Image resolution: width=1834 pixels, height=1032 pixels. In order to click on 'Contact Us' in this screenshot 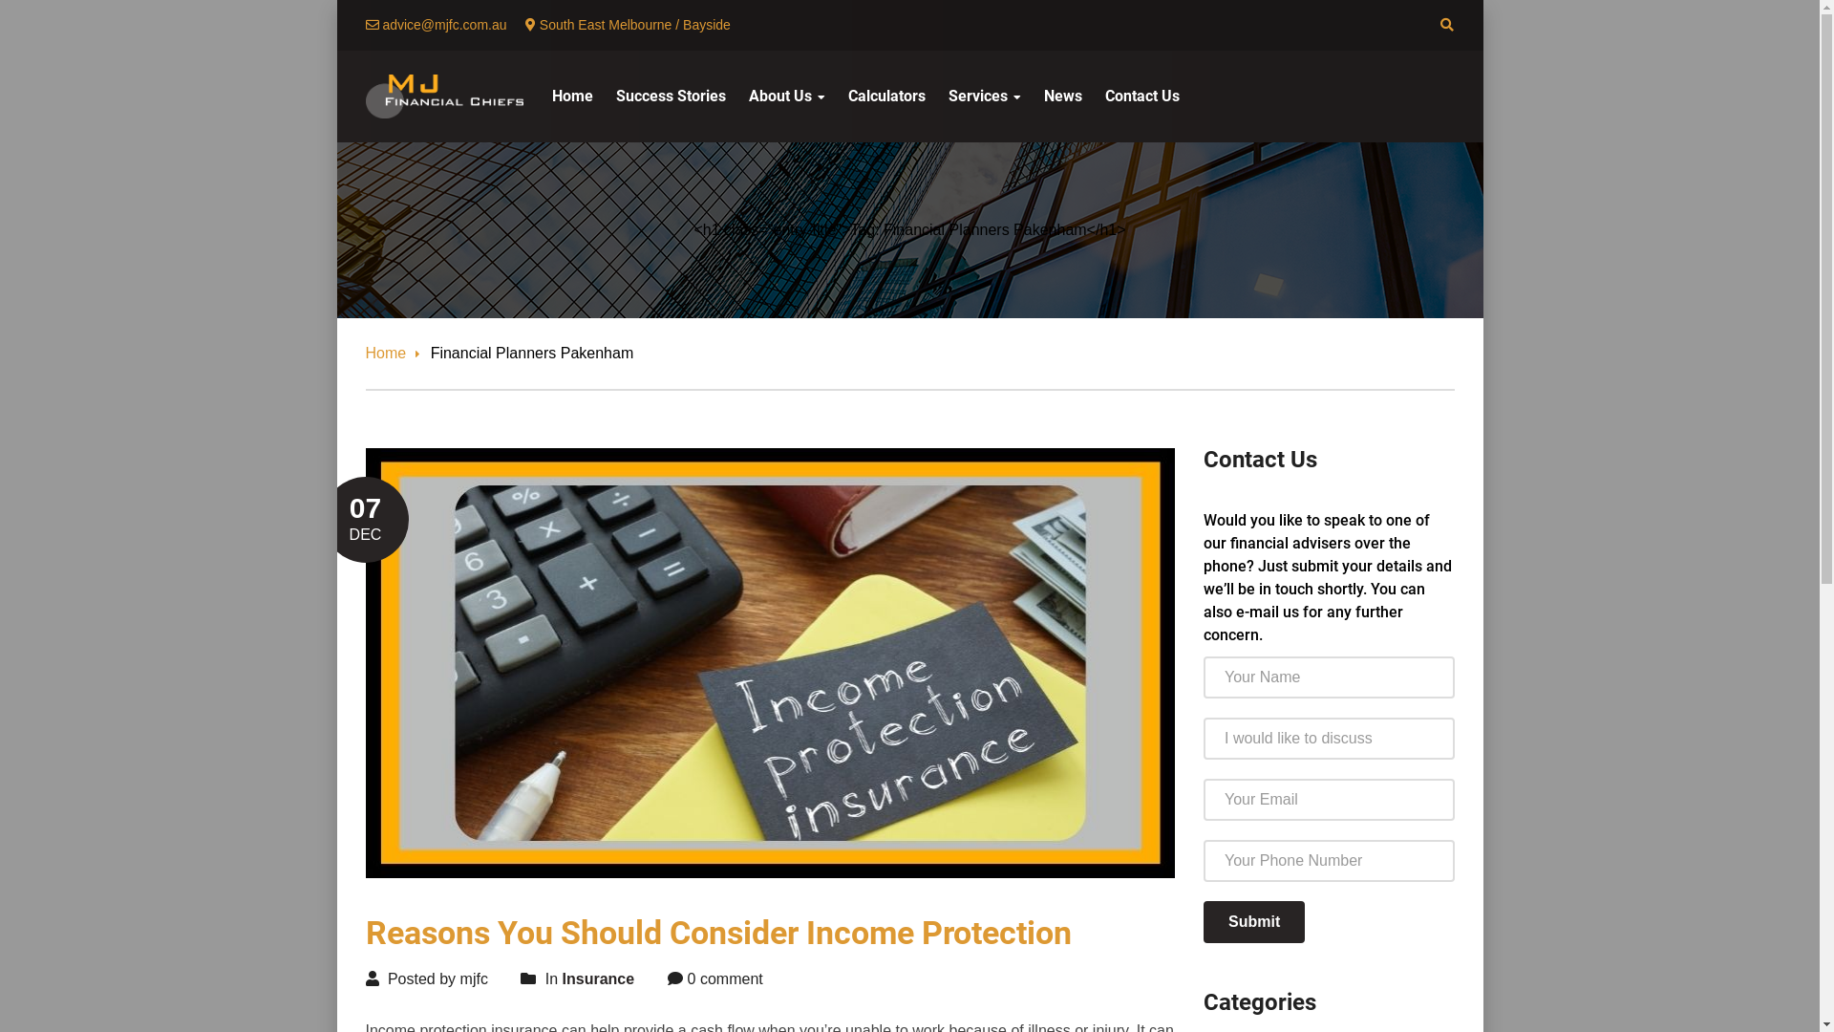, I will do `click(1141, 96)`.